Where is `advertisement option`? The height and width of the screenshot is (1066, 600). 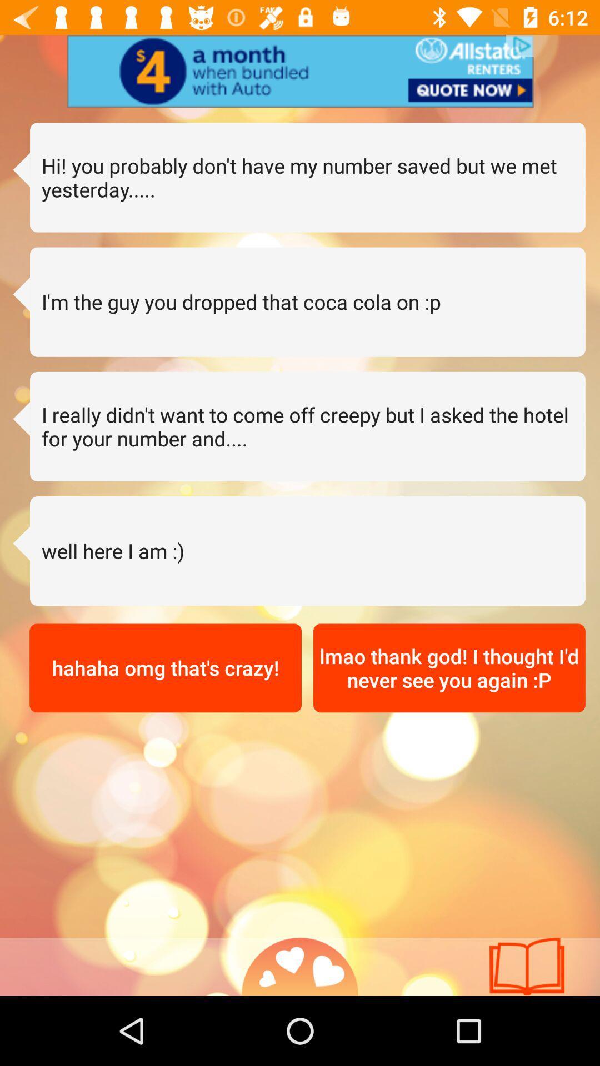 advertisement option is located at coordinates (300, 71).